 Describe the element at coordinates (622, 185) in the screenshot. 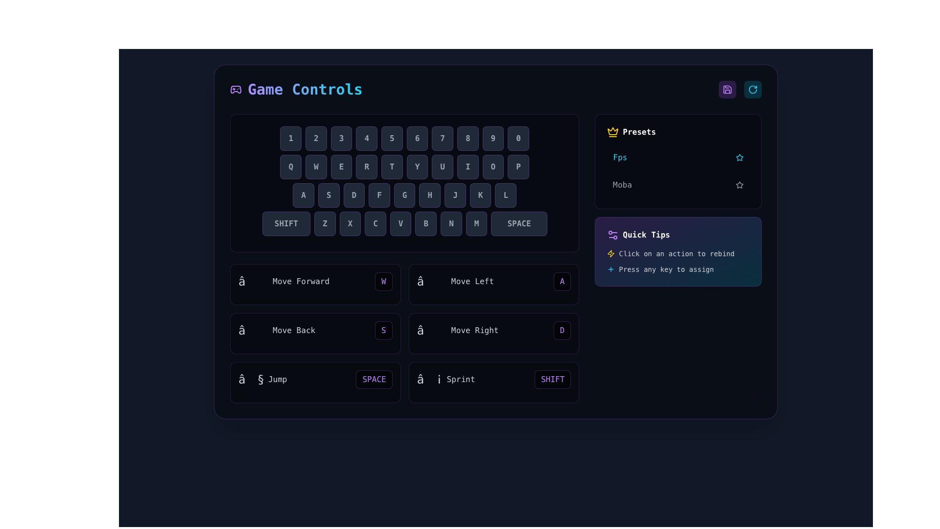

I see `the text label that represents a preset category in the 'Presets' section, located near the top-right corner of the interface` at that location.